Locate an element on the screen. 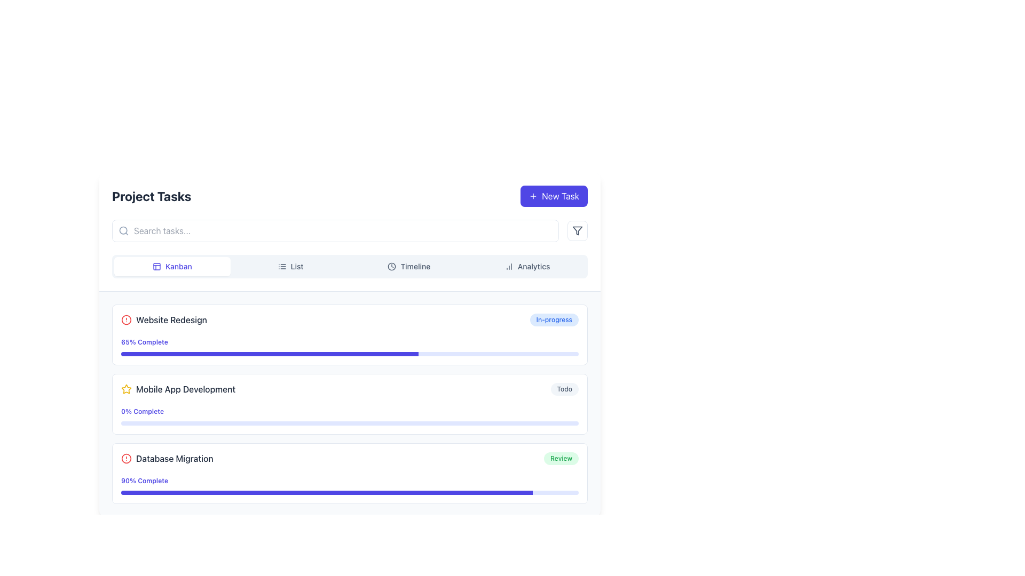 This screenshot has height=576, width=1025. the analytics button, which is the fourth button in the horizontal row at the top of the interface, to trigger a style transition is located at coordinates (527, 266).